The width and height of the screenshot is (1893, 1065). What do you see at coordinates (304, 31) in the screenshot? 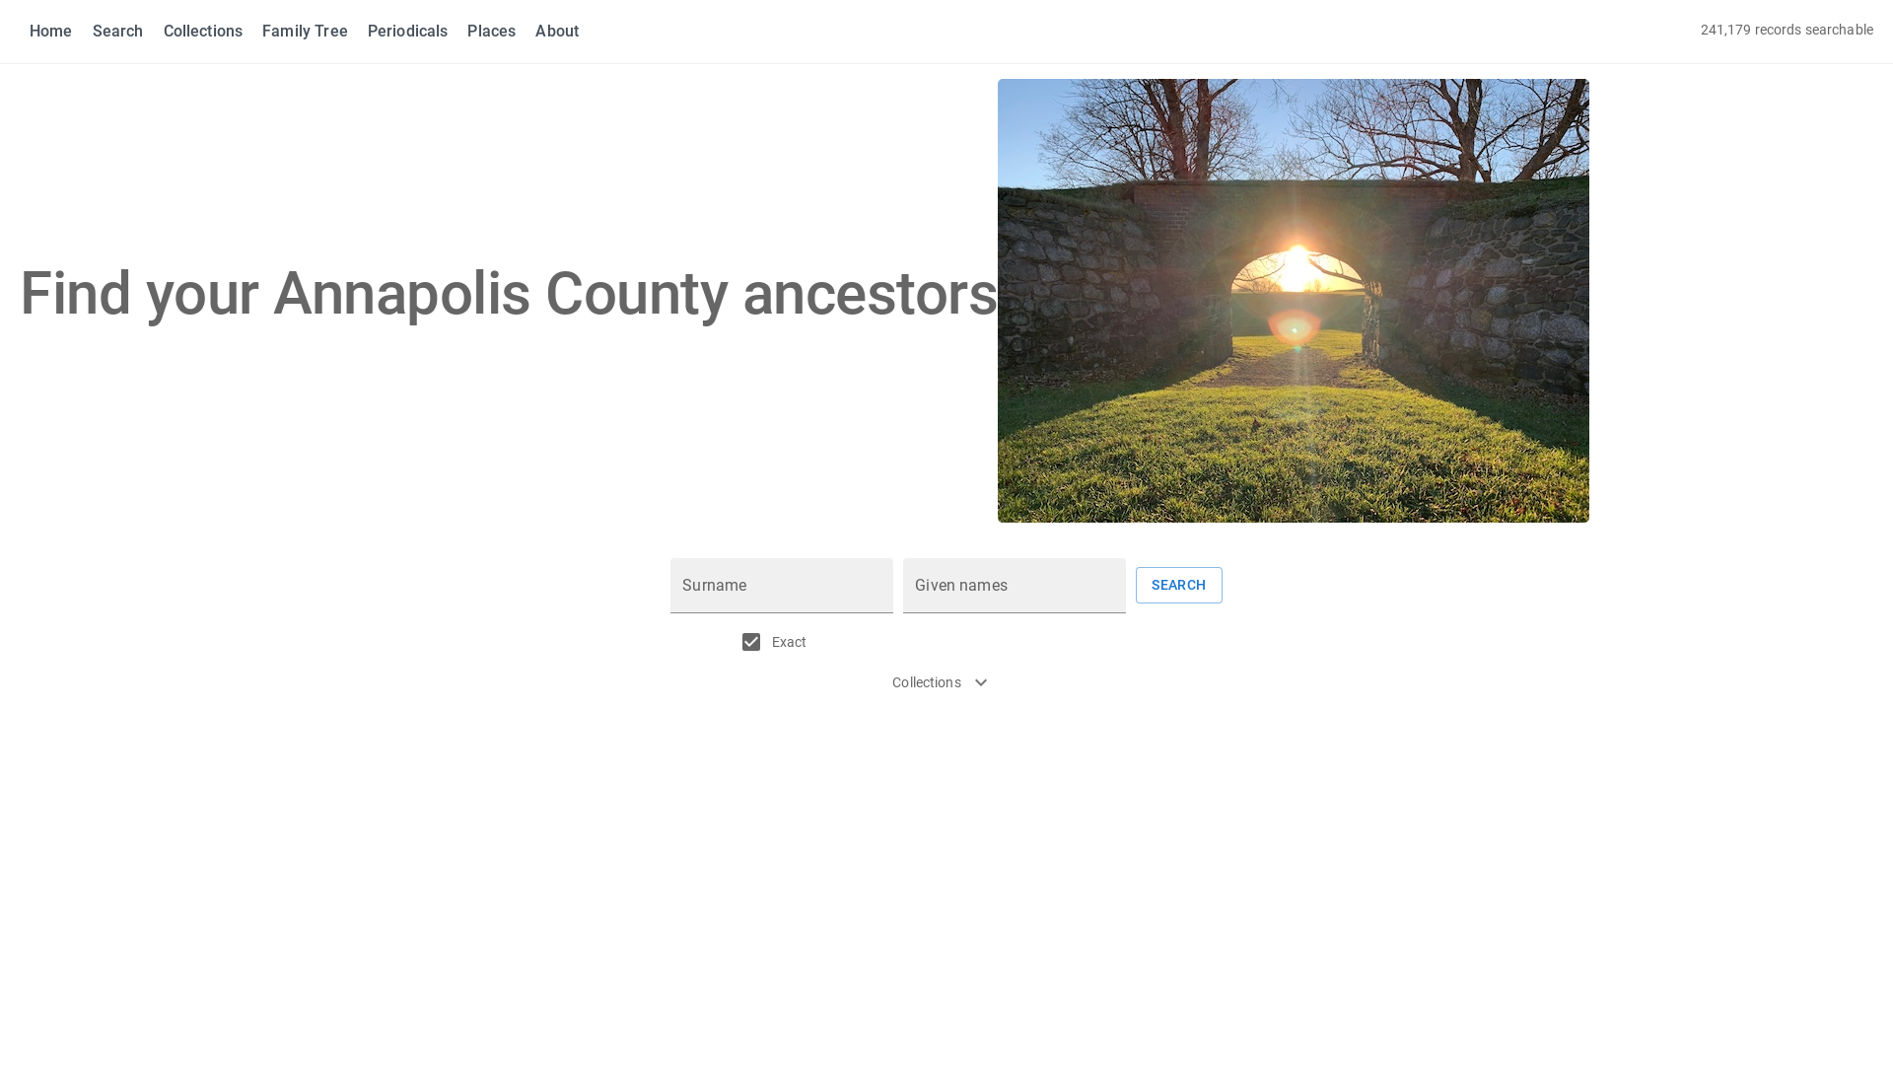
I see `'Family Tree'` at bounding box center [304, 31].